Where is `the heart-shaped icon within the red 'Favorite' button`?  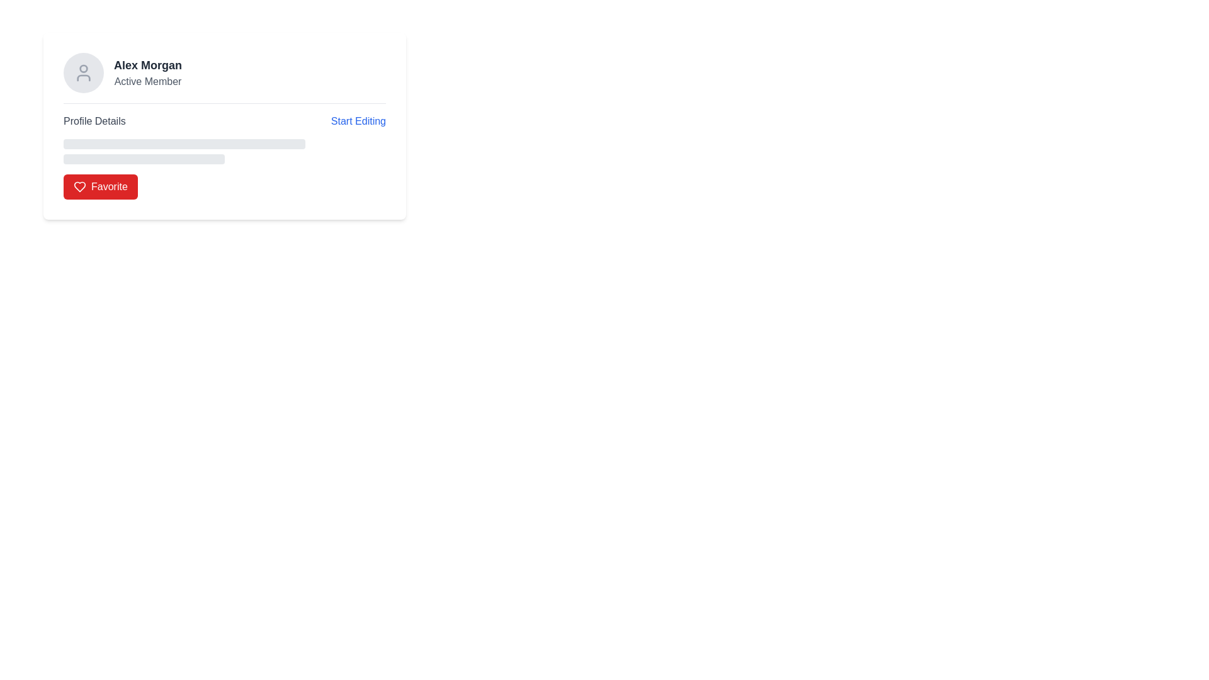 the heart-shaped icon within the red 'Favorite' button is located at coordinates (79, 187).